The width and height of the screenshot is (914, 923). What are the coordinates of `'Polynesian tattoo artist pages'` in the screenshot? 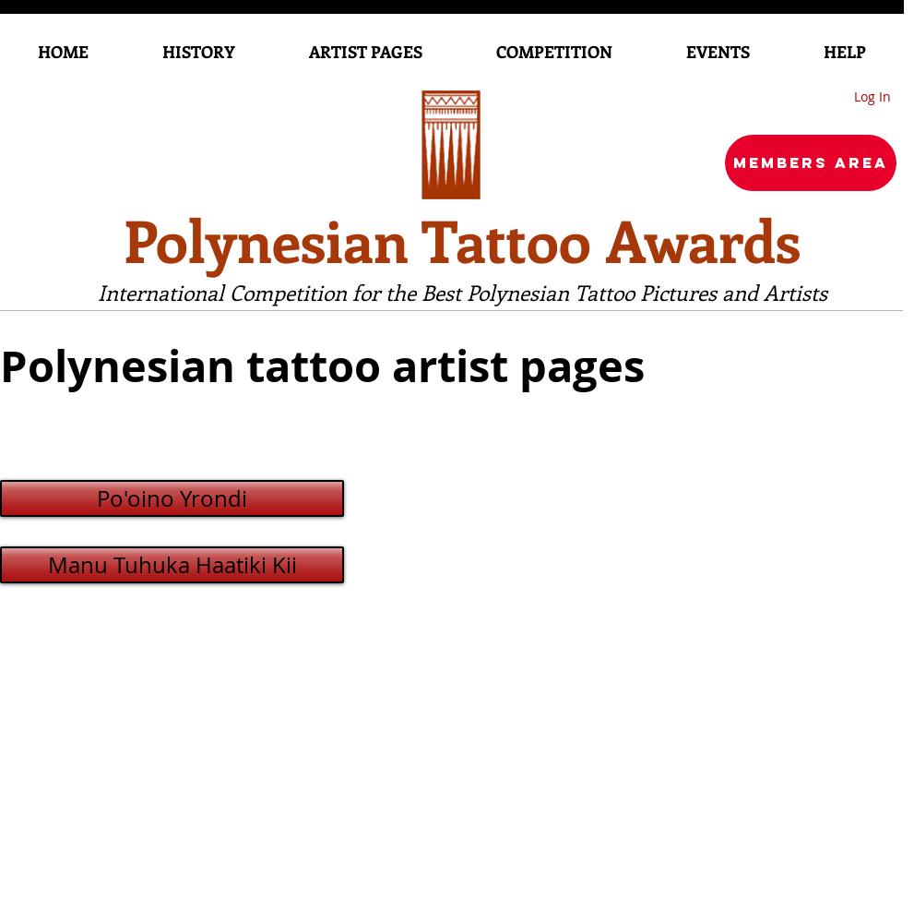 It's located at (322, 366).